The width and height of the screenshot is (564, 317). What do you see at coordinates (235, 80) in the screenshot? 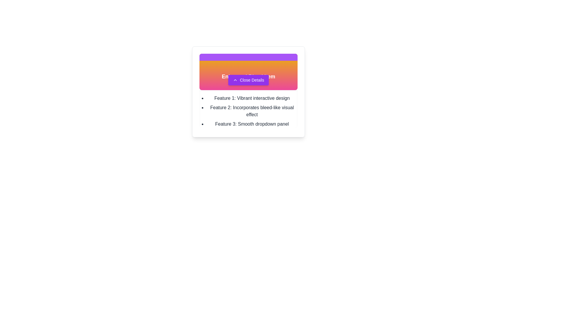
I see `the upward-pointing chevron icon located on the left part of the 'Close Details' button, which is within an orange-purple gradient box` at bounding box center [235, 80].